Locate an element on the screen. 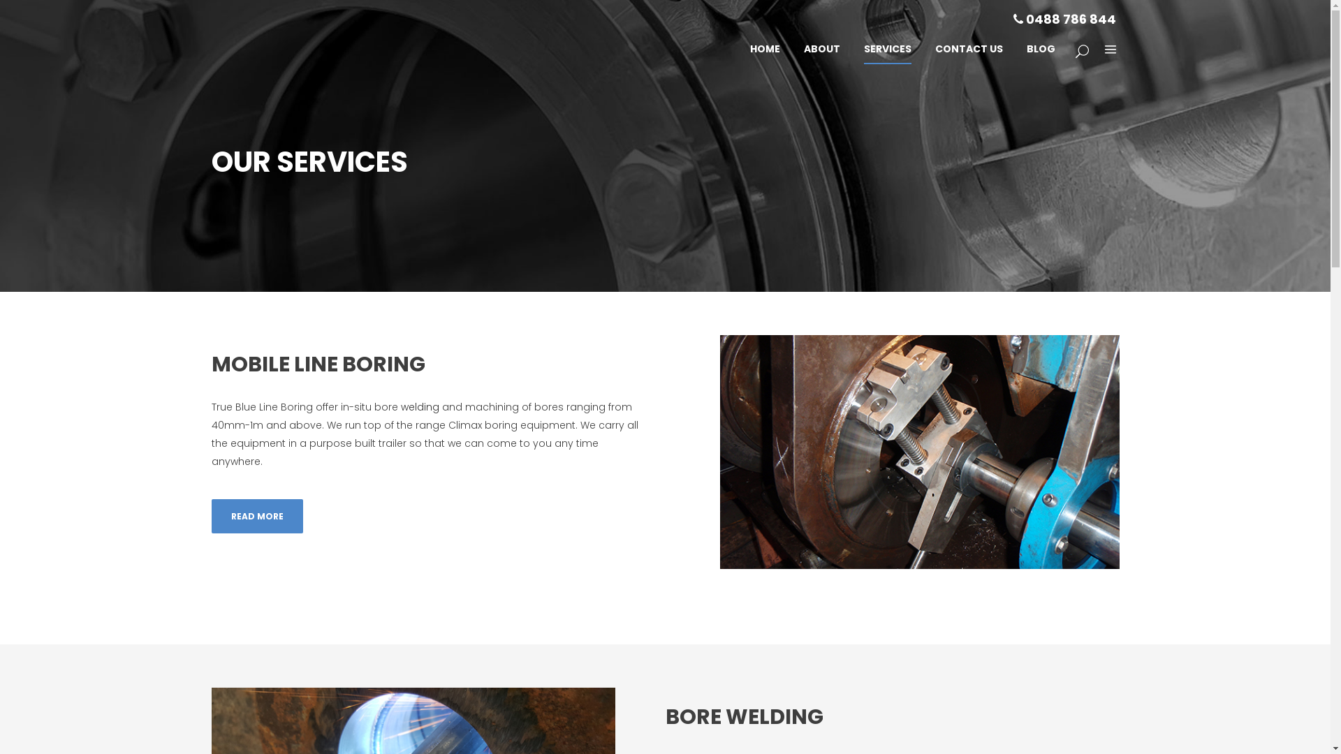 The width and height of the screenshot is (1341, 754). 'BLOG' is located at coordinates (1040, 47).